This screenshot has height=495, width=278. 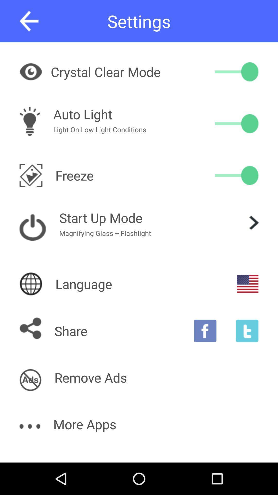 I want to click on switch orientation, so click(x=237, y=175).